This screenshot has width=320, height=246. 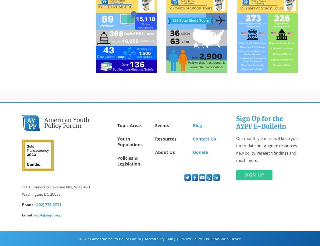 What do you see at coordinates (254, 174) in the screenshot?
I see `'Sign Up'` at bounding box center [254, 174].